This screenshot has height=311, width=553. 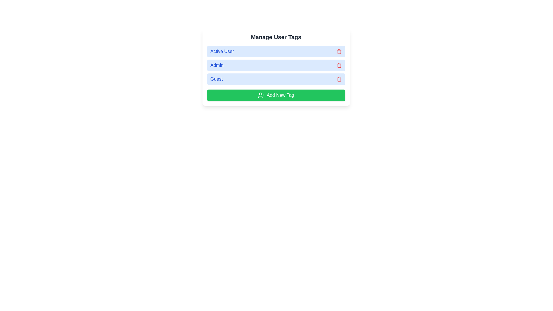 What do you see at coordinates (339, 79) in the screenshot?
I see `the delete button located at the right end of the 'Guest' label row in the 'Manage User Tags' section` at bounding box center [339, 79].